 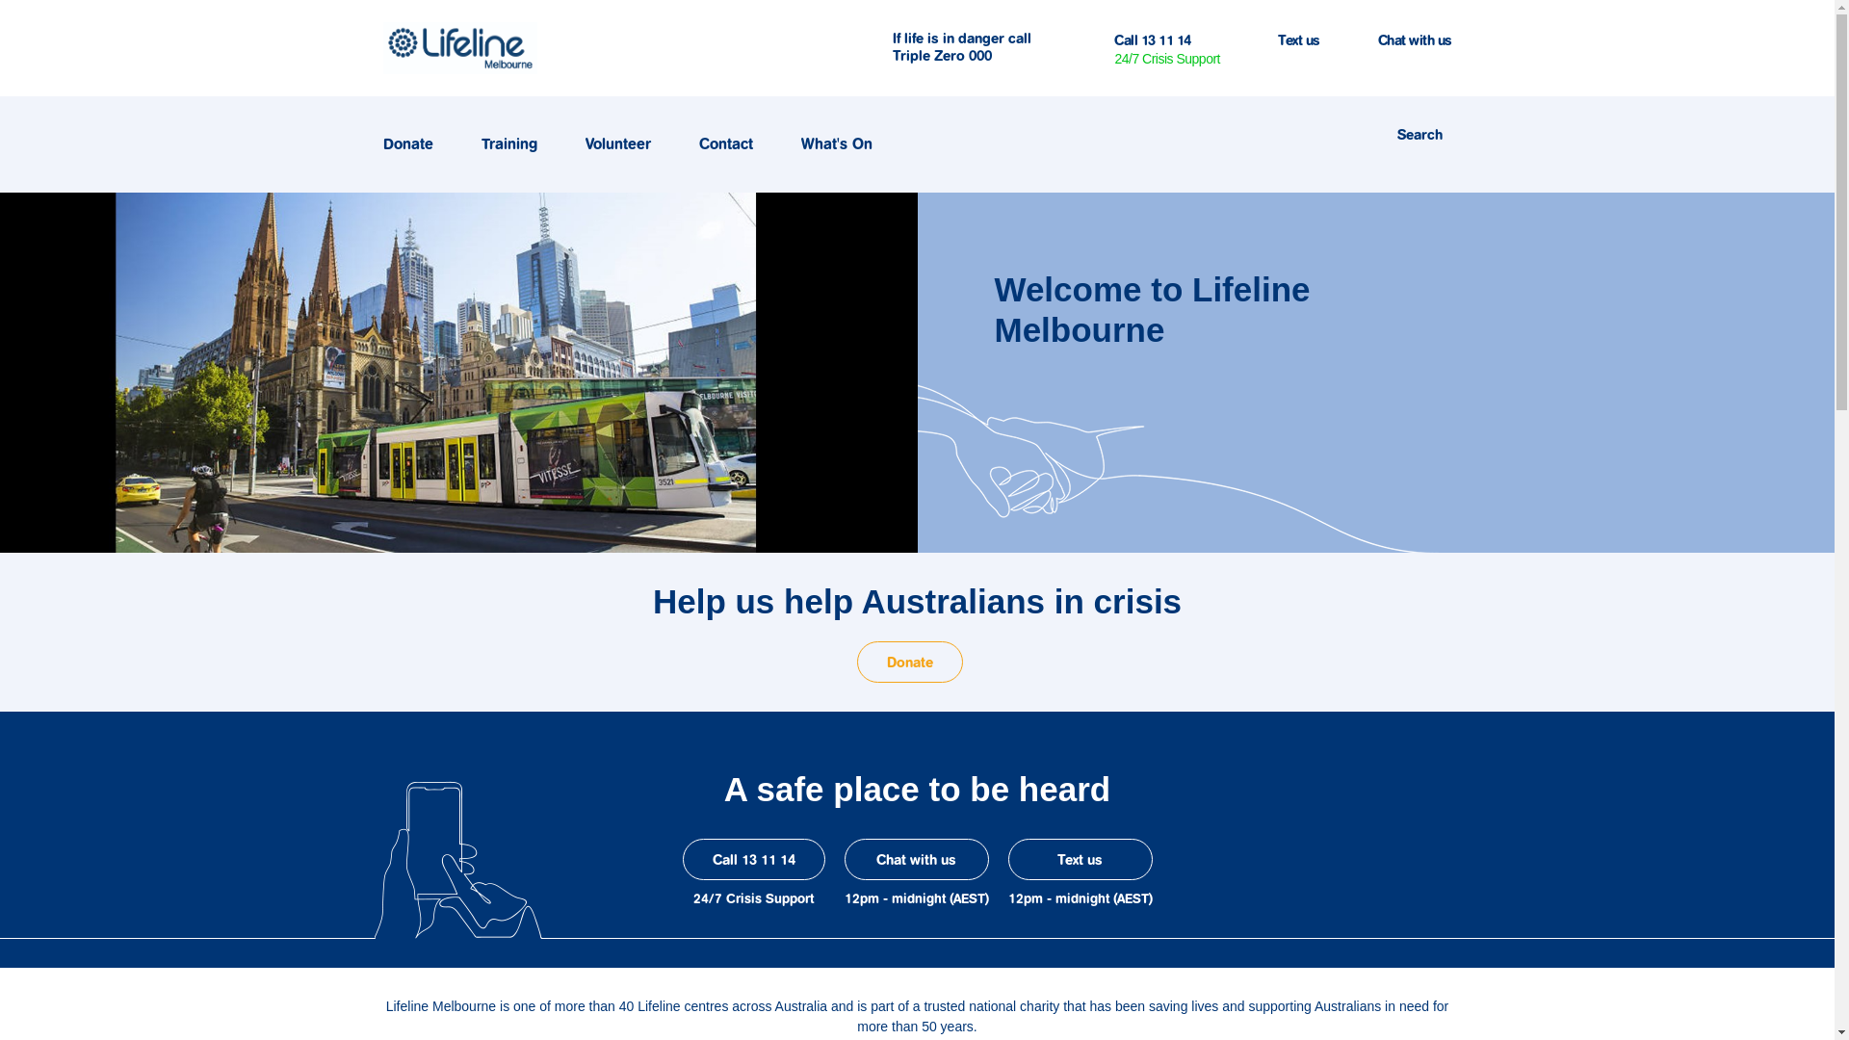 I want to click on 'Chat with us', so click(x=914, y=858).